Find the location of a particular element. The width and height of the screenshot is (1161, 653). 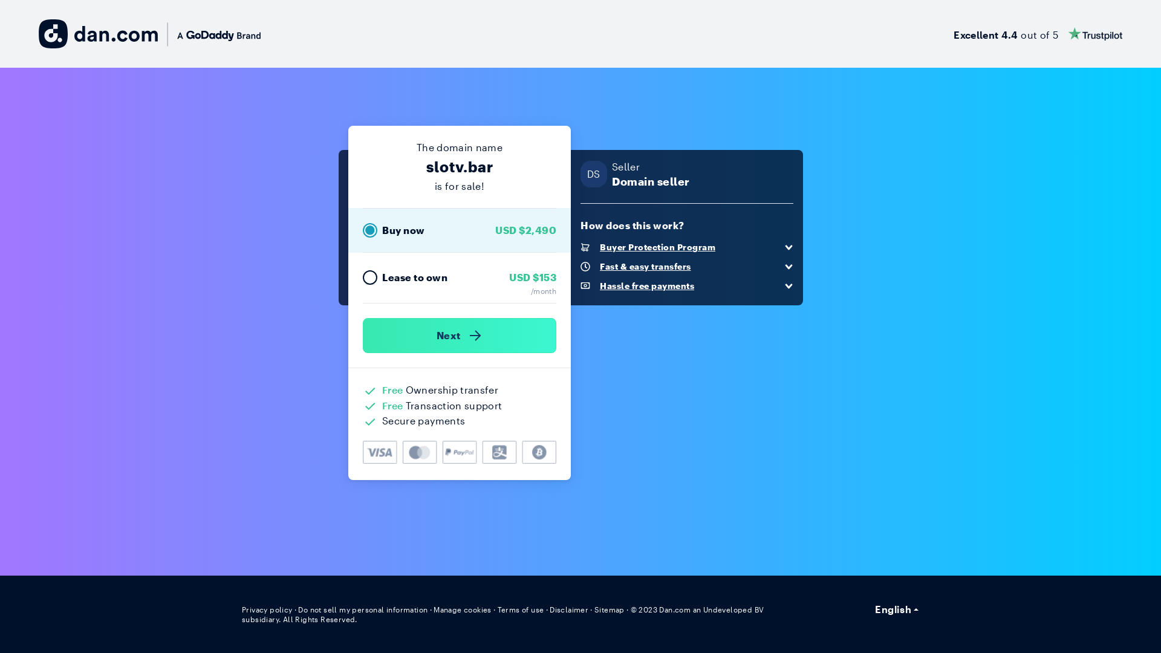

'Excellent 4.4 out of 5' is located at coordinates (1037, 33).